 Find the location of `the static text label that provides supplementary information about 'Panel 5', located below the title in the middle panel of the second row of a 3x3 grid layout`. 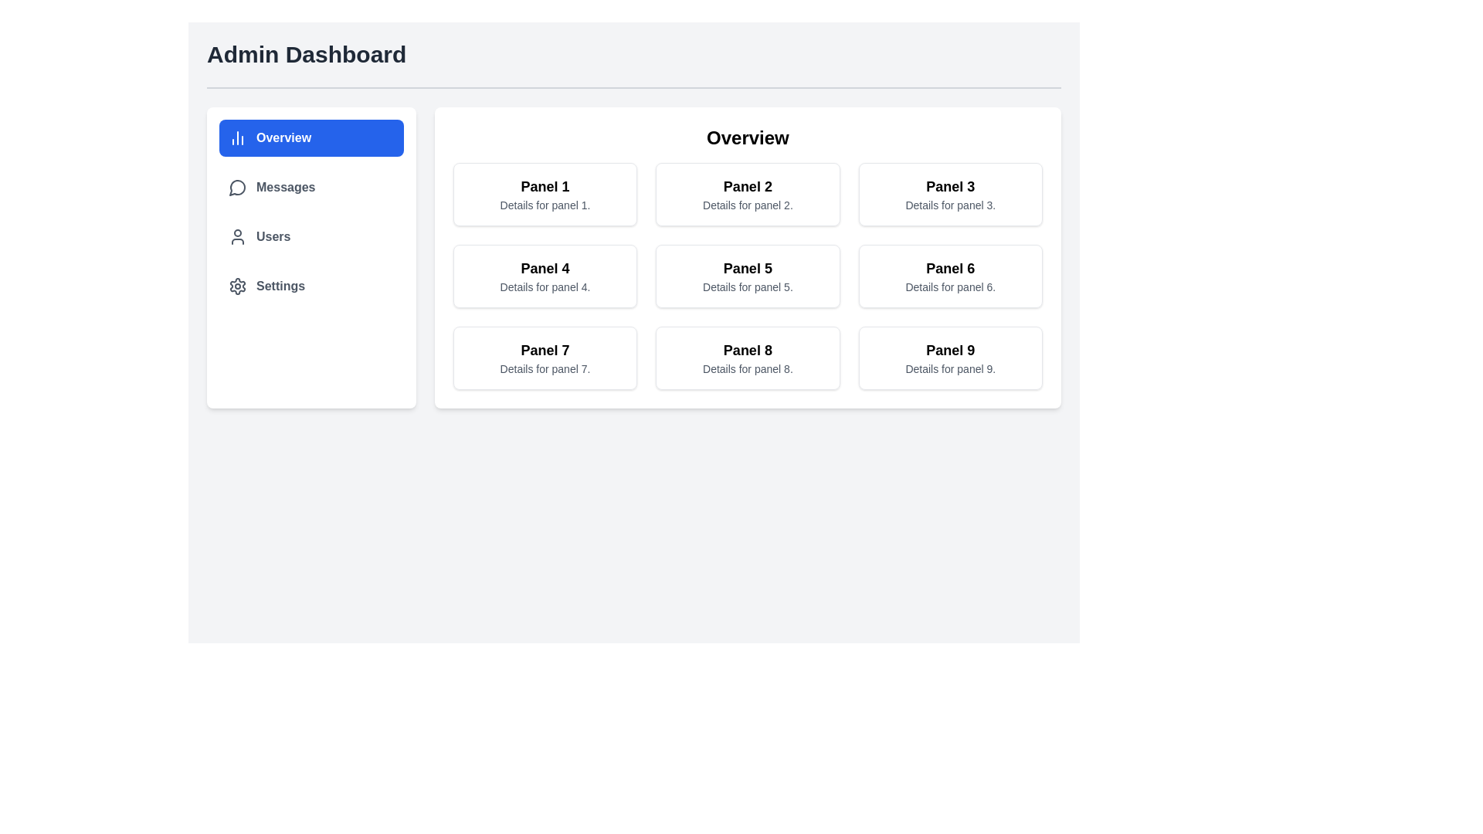

the static text label that provides supplementary information about 'Panel 5', located below the title in the middle panel of the second row of a 3x3 grid layout is located at coordinates (748, 286).